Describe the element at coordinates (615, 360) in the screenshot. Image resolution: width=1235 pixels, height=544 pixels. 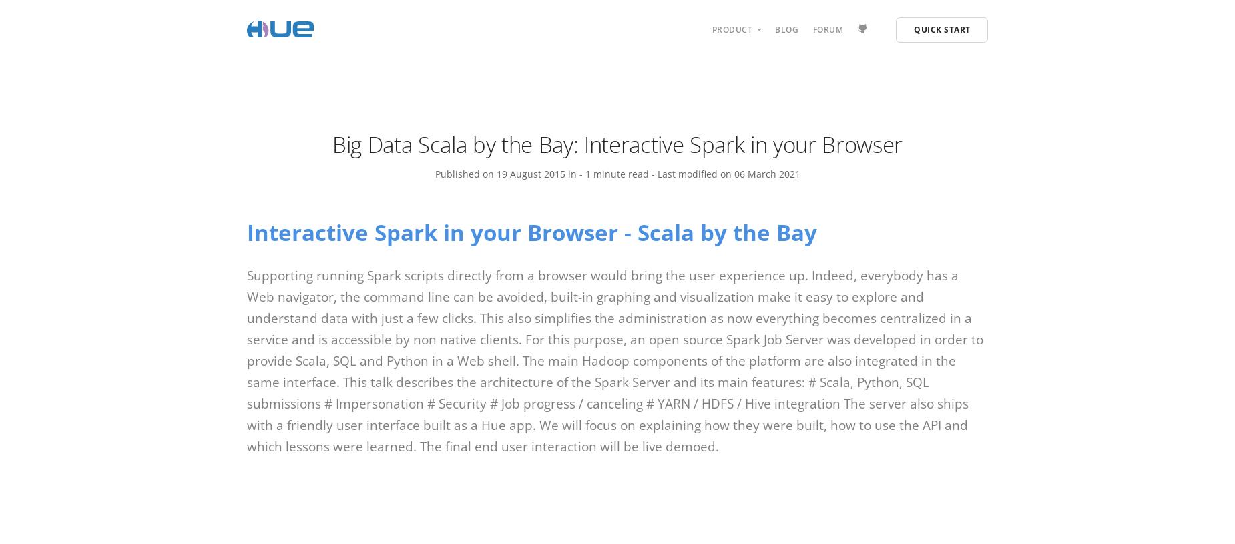
I see `'Supporting running Spark scripts directly from a browser would bring the user experience up. Indeed, everybody has a Web navigator, the command line can be avoided, built-in graphing and visualization make it easy to explore and understand data with just a few clicks. This also simplifies the administration as now everything becomes centralized in a service and is accessible by non native clients. For this purpose, an open source Spark Job Server was developed in order to provide Scala, SQL and Python in a Web shell. The main Hadoop components of the platform are also integrated in the same interface. This talk describes the architecture of the Spark Server and its main features: # Scala, Python, SQL submissions # Impersonation # Security # Job progress / canceling # YARN / HDFS / Hive integration The server also ships with a friendly user interface built as a Hue app. We will focus on explaining how they were built, how to use the API and which lessons were learned. The final end user interaction will be live demoed.'` at that location.